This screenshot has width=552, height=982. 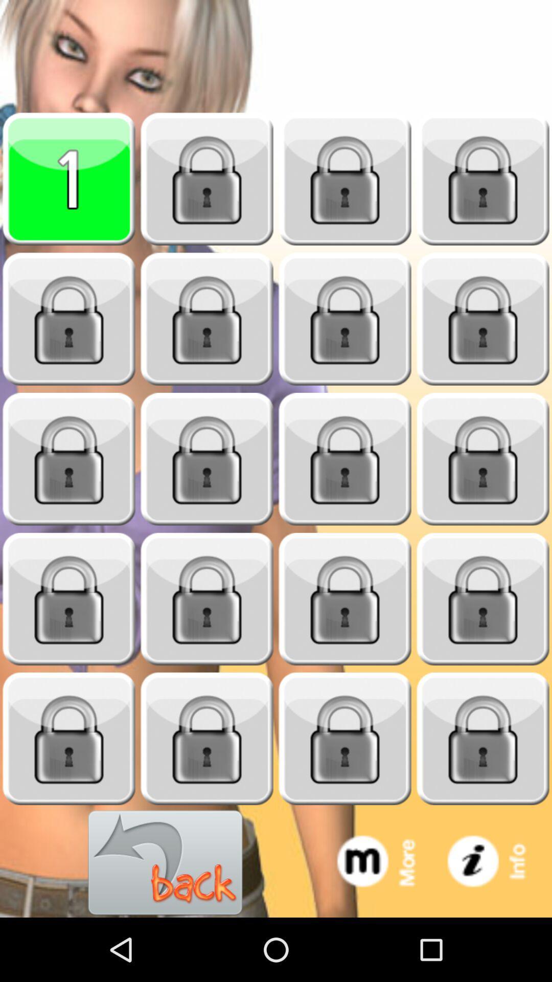 I want to click on blok, so click(x=483, y=459).